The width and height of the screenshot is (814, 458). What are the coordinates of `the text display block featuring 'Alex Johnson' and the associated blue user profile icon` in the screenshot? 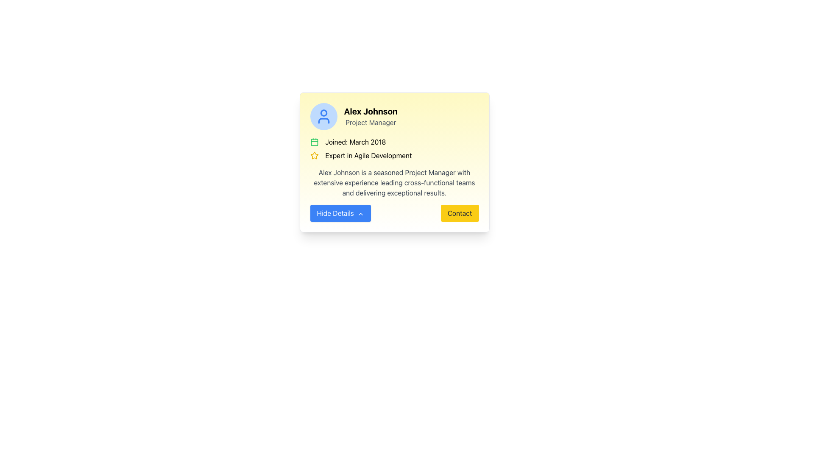 It's located at (394, 116).